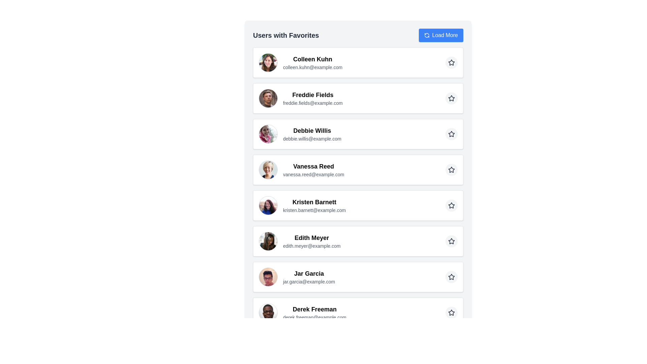  What do you see at coordinates (300, 134) in the screenshot?
I see `the user profile entry for 'Debbie Willis'` at bounding box center [300, 134].